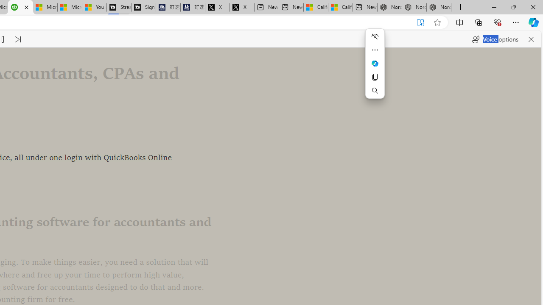 The image size is (543, 305). What do you see at coordinates (531, 39) in the screenshot?
I see `'Close read aloud'` at bounding box center [531, 39].